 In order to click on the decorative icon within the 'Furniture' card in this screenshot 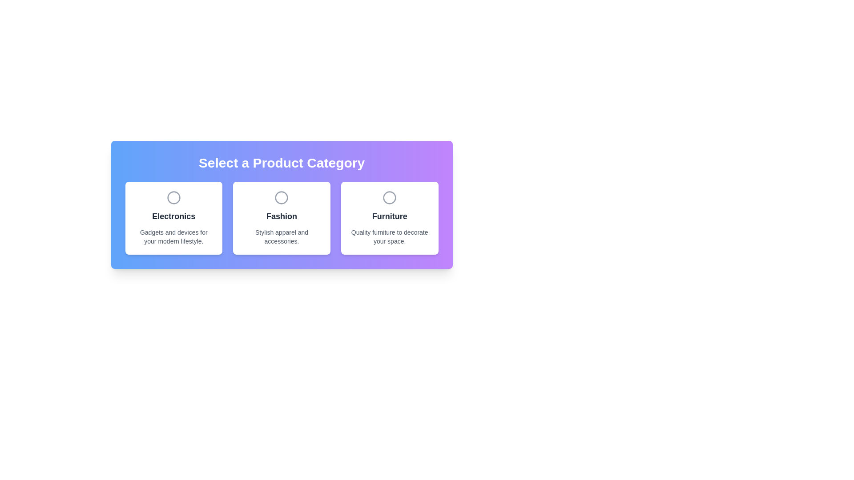, I will do `click(390, 197)`.